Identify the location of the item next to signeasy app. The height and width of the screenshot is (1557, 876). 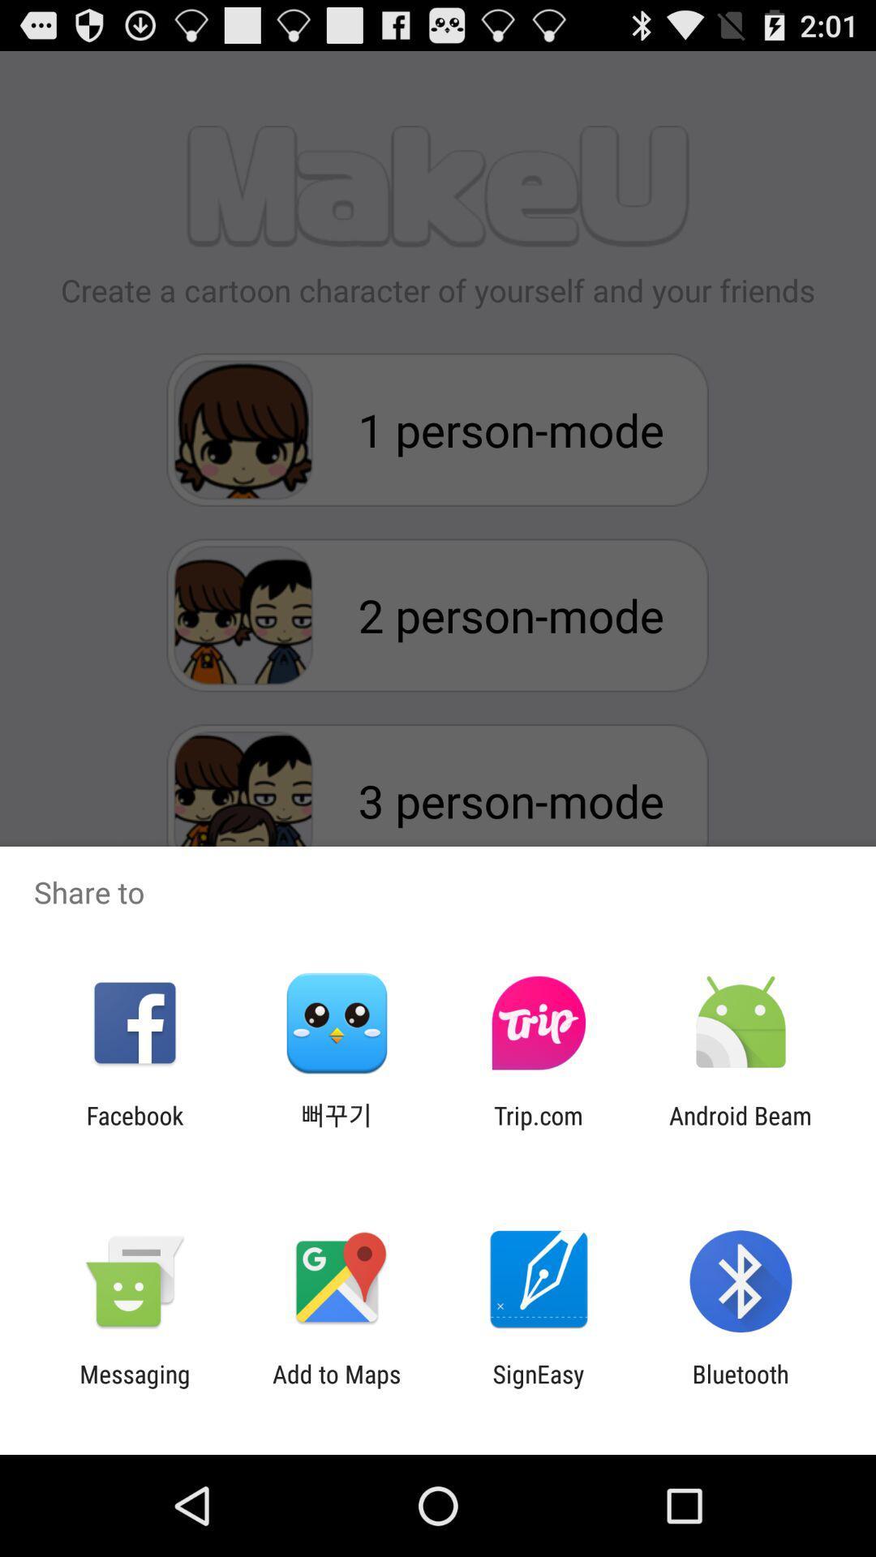
(336, 1388).